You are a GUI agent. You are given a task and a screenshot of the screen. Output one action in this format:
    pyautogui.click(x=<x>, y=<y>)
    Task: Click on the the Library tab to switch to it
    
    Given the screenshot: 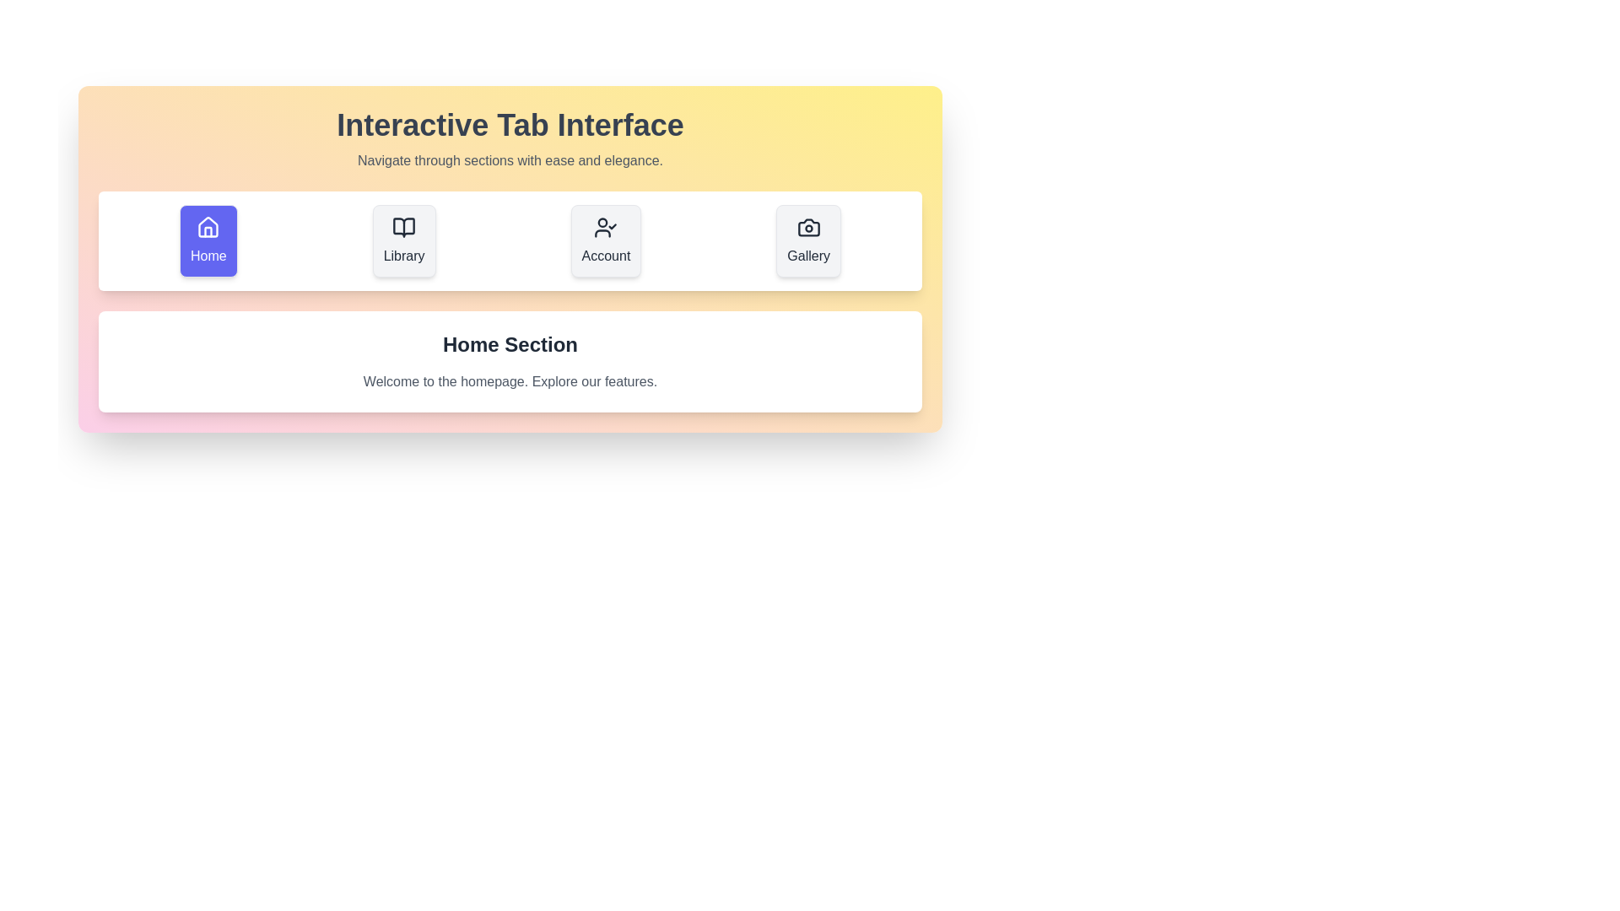 What is the action you would take?
    pyautogui.click(x=403, y=240)
    